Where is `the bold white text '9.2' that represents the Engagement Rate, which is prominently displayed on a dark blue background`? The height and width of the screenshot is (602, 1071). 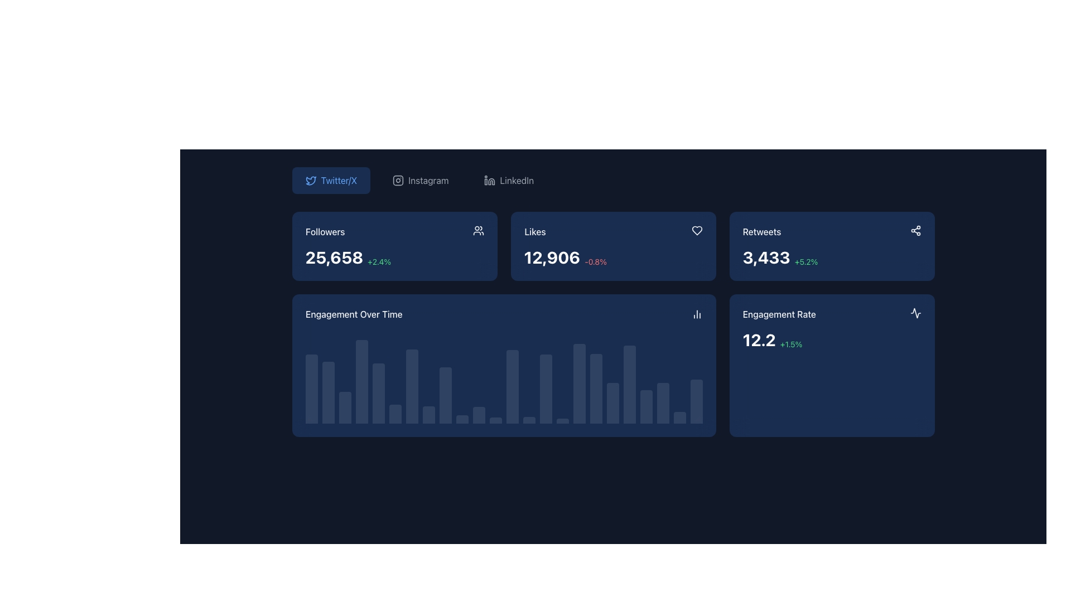 the bold white text '9.2' that represents the Engagement Rate, which is prominently displayed on a dark blue background is located at coordinates (755, 339).